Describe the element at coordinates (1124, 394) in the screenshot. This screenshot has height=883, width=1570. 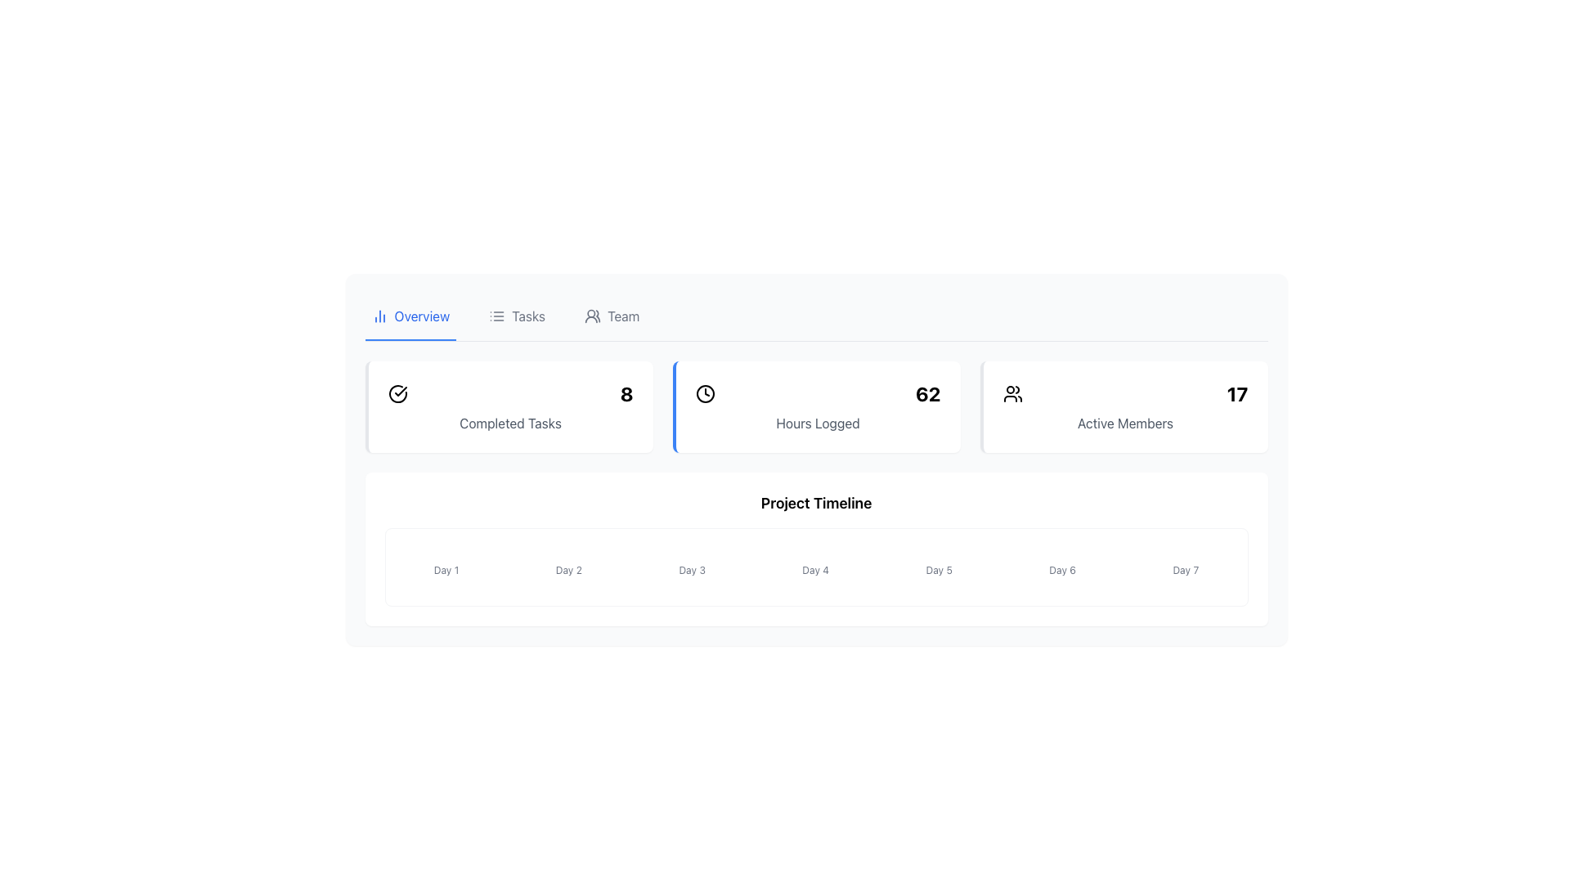
I see `value displayed in the large, bold font number '17' located on the right side within the 'Active Members' rectangular box` at that location.